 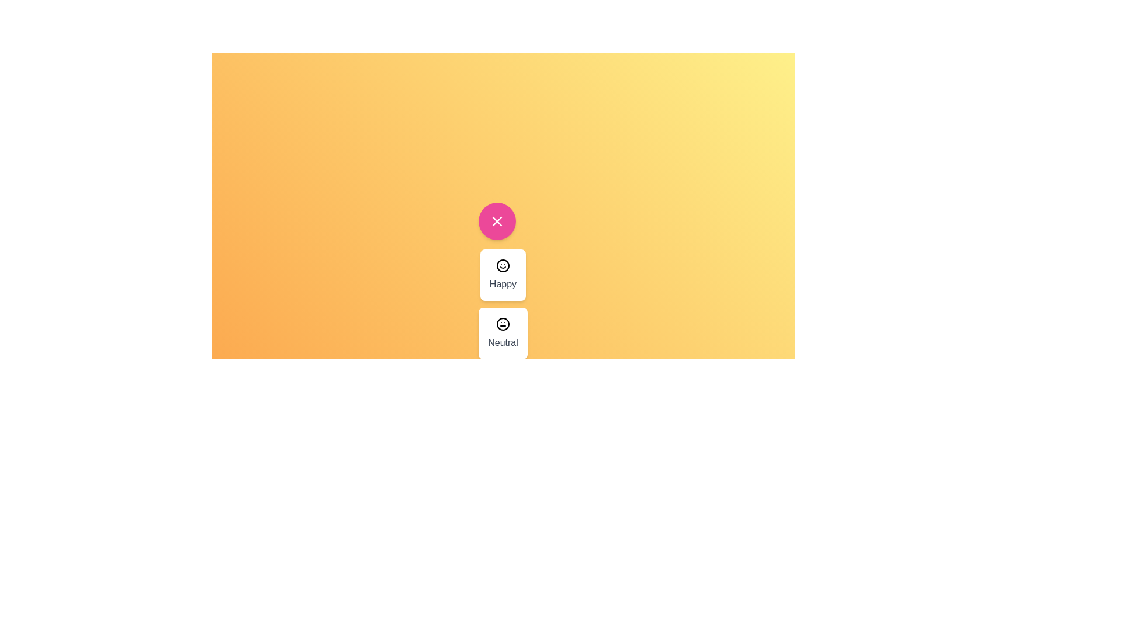 What do you see at coordinates (503, 275) in the screenshot?
I see `the emoji menu item labeled Happy` at bounding box center [503, 275].